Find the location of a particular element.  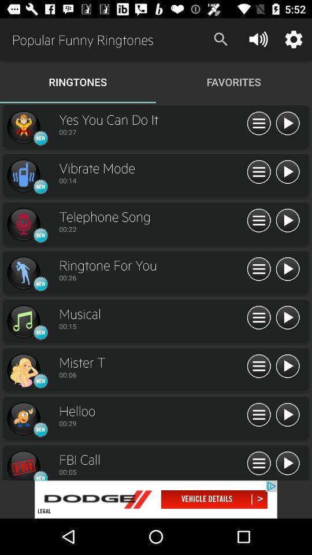

song is located at coordinates (287, 415).